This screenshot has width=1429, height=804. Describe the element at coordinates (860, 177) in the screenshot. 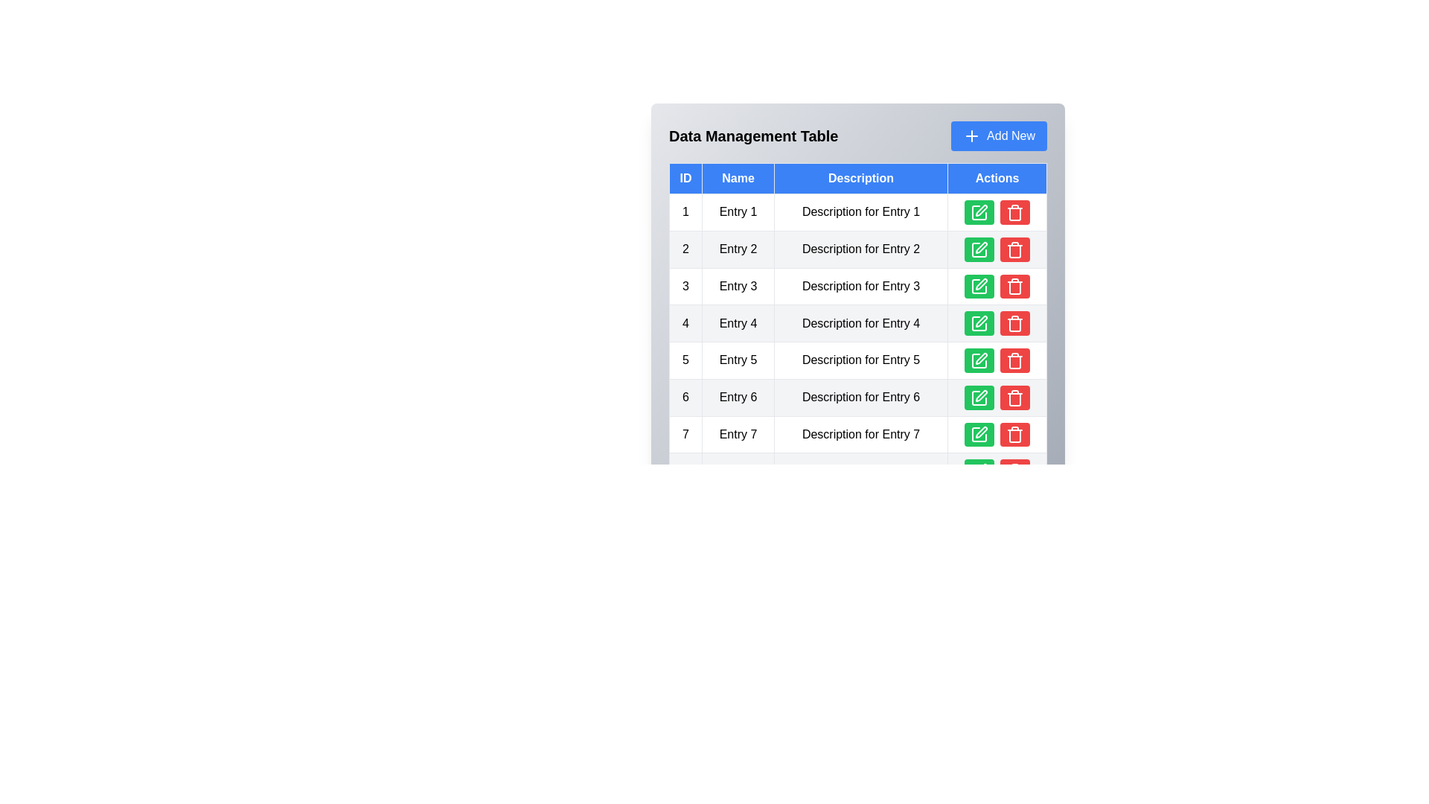

I see `the column header labeled Description to sort the table by that column` at that location.